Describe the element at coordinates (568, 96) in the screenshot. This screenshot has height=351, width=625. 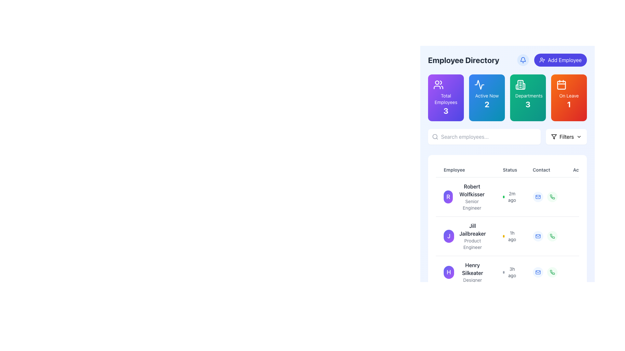
I see `the Text label that provides contextual information about the count of people on leave, which is positioned above the numerical text '1' and below a calendar icon on a gradient orange-to-red background` at that location.